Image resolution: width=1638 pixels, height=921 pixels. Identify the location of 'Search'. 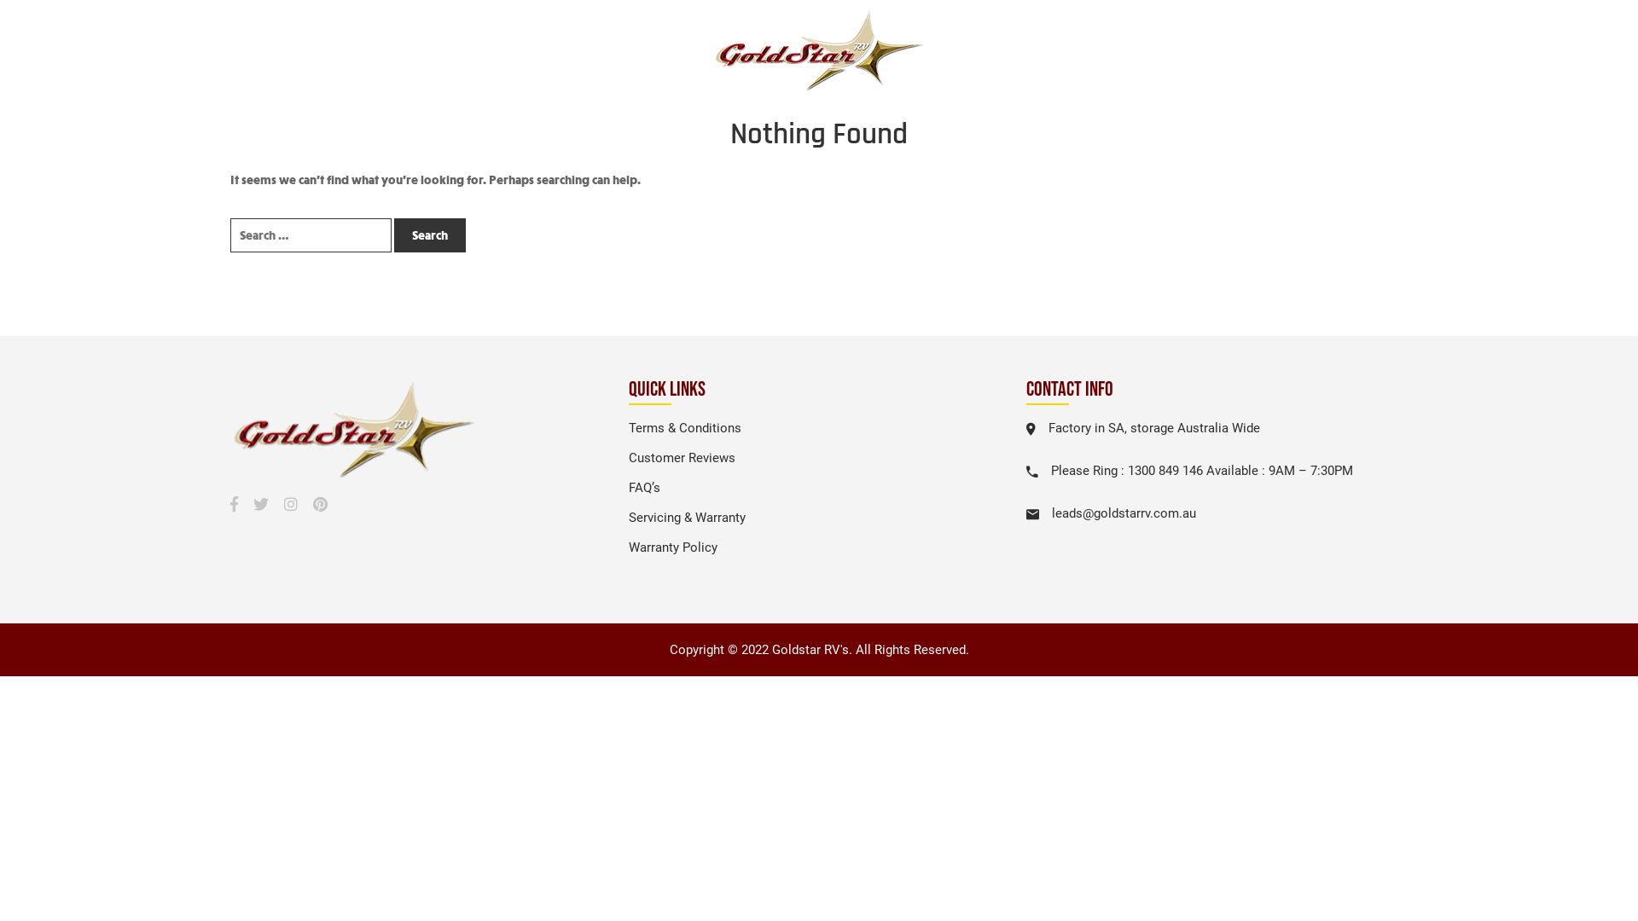
(430, 235).